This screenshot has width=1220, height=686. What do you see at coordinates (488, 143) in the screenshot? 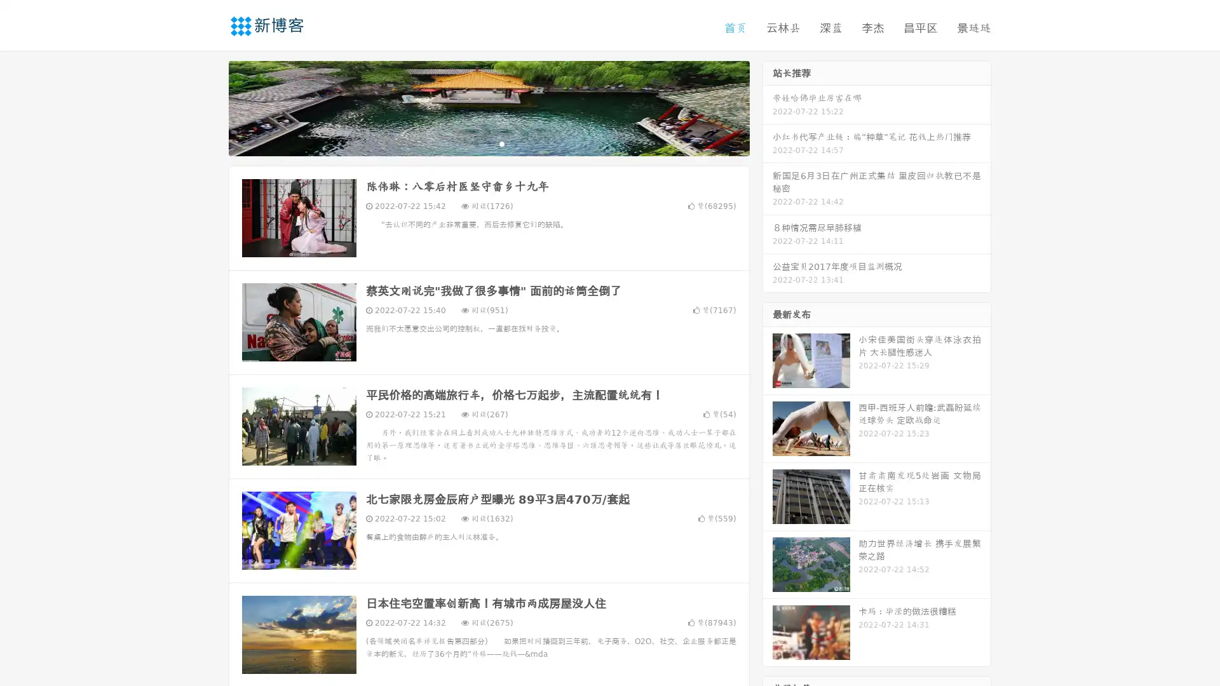
I see `Go to slide 2` at bounding box center [488, 143].